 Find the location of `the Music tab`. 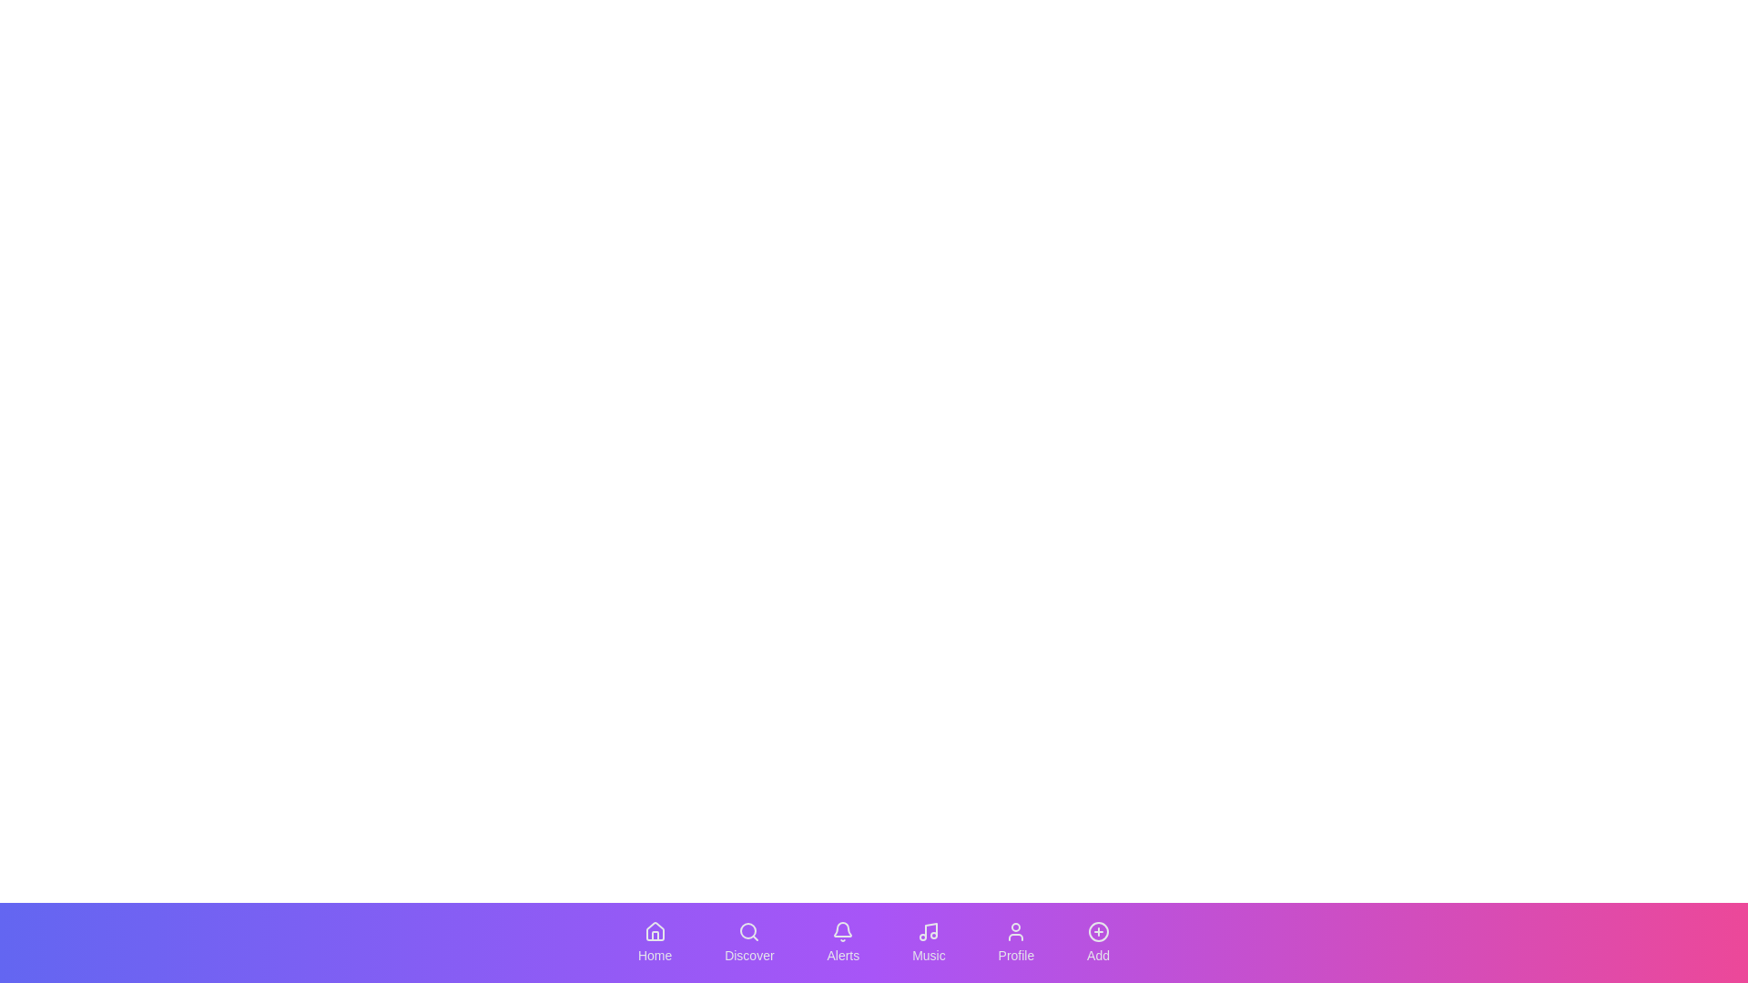

the Music tab is located at coordinates (929, 942).